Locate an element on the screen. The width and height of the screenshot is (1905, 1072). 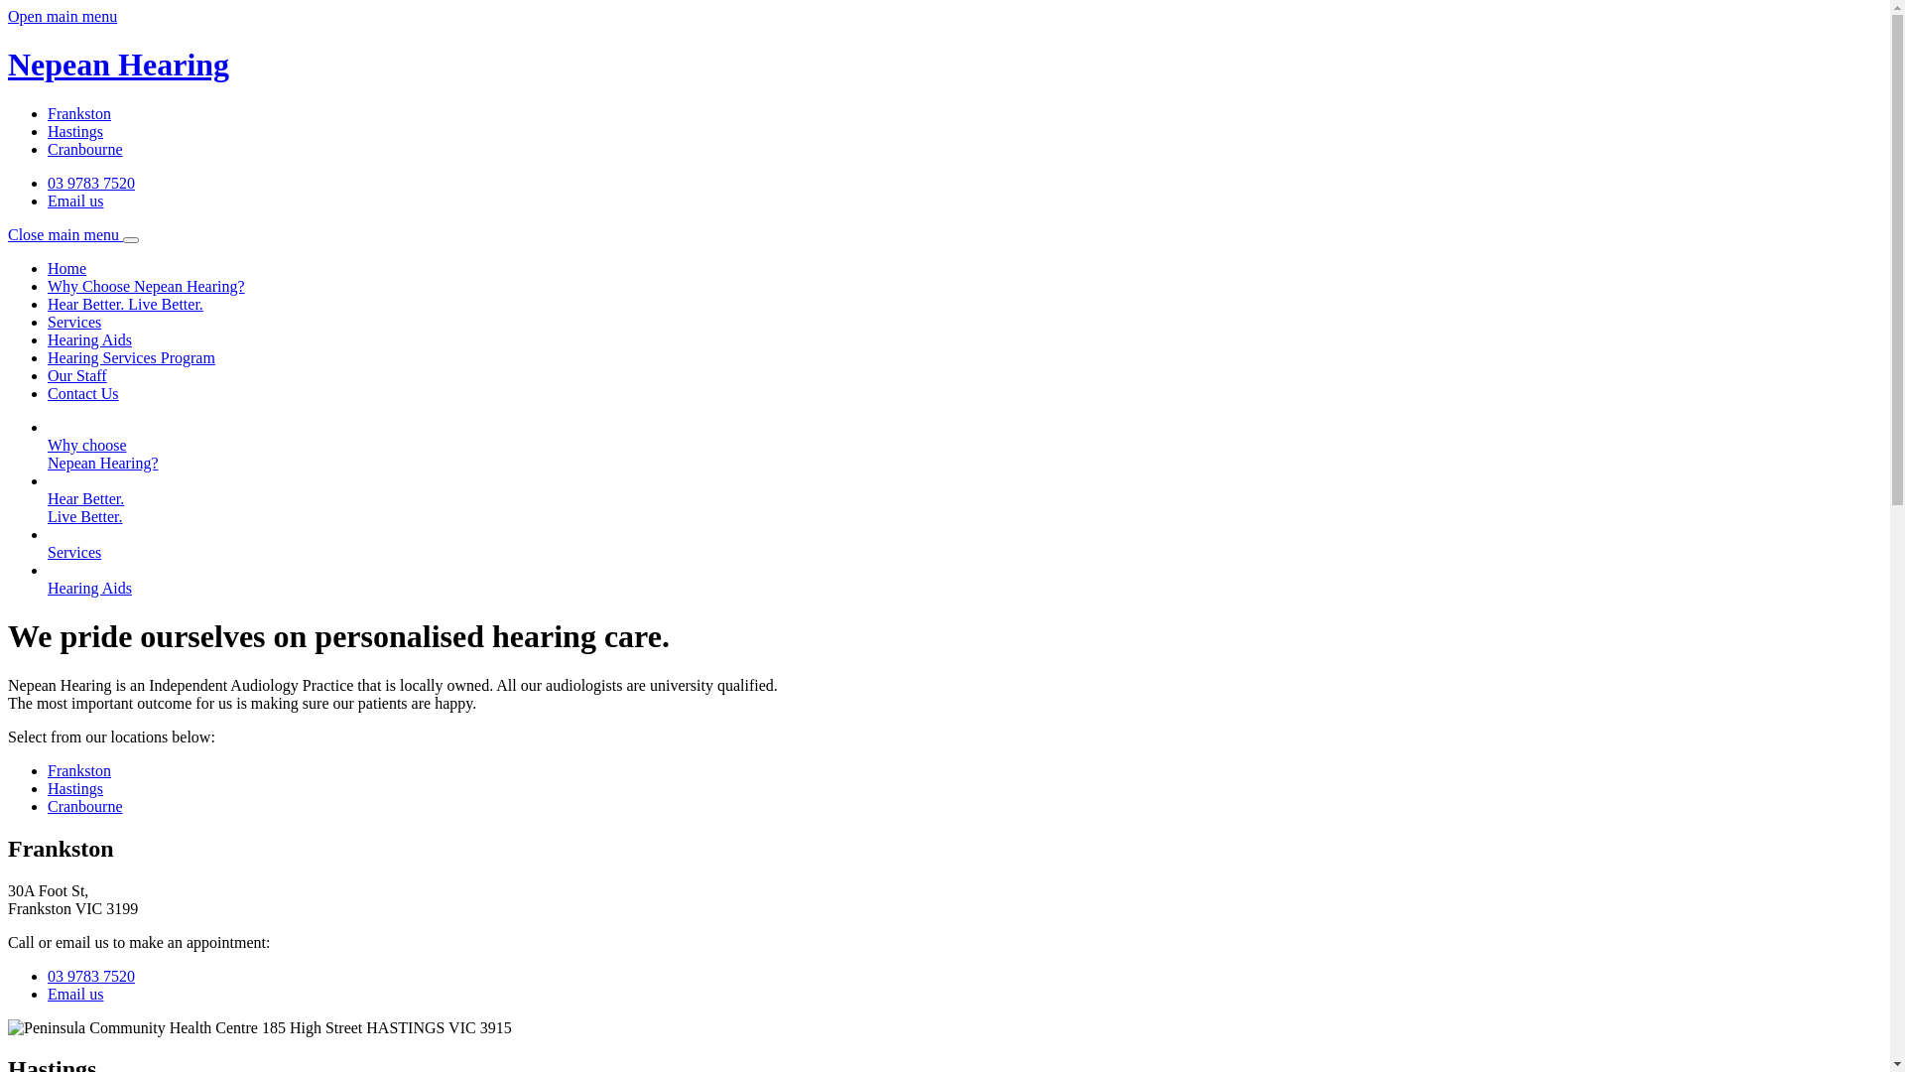
'Hear Better. Live Better.' is located at coordinates (124, 304).